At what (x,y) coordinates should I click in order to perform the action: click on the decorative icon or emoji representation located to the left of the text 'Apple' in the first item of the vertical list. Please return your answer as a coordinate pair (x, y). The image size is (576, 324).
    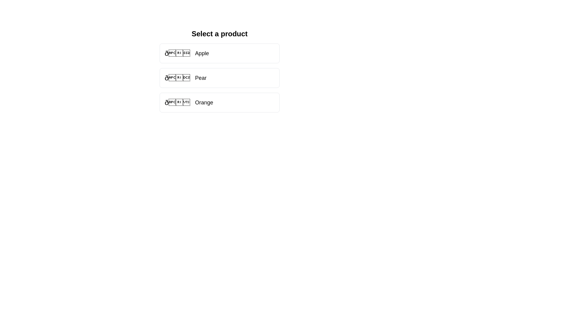
    Looking at the image, I should click on (177, 53).